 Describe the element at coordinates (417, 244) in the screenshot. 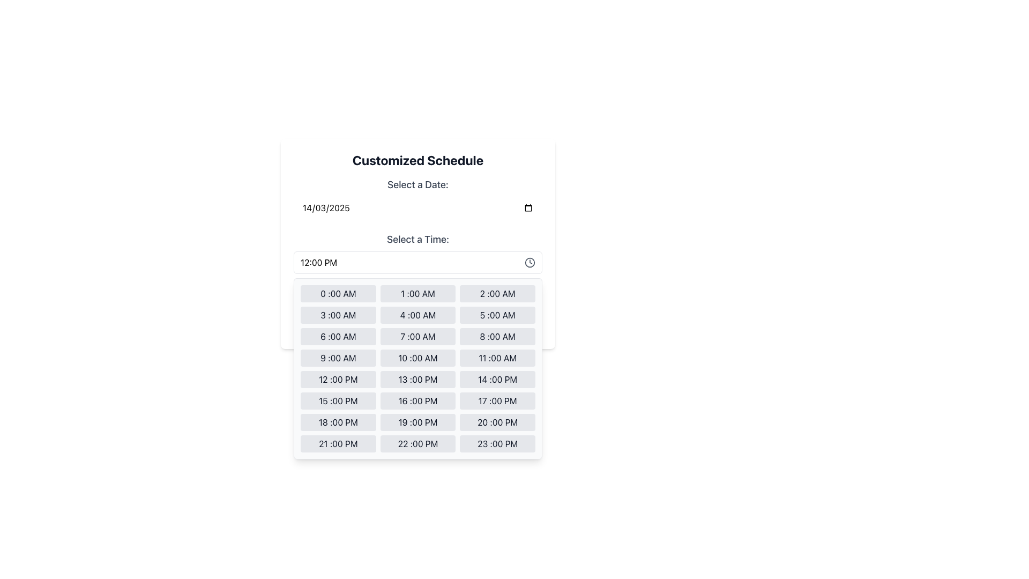

I see `the dropdown within the Dialog Box for scheduling an appointment, located below the title 'Customized Schedule' and above the 'Confirm Schedule' button` at that location.